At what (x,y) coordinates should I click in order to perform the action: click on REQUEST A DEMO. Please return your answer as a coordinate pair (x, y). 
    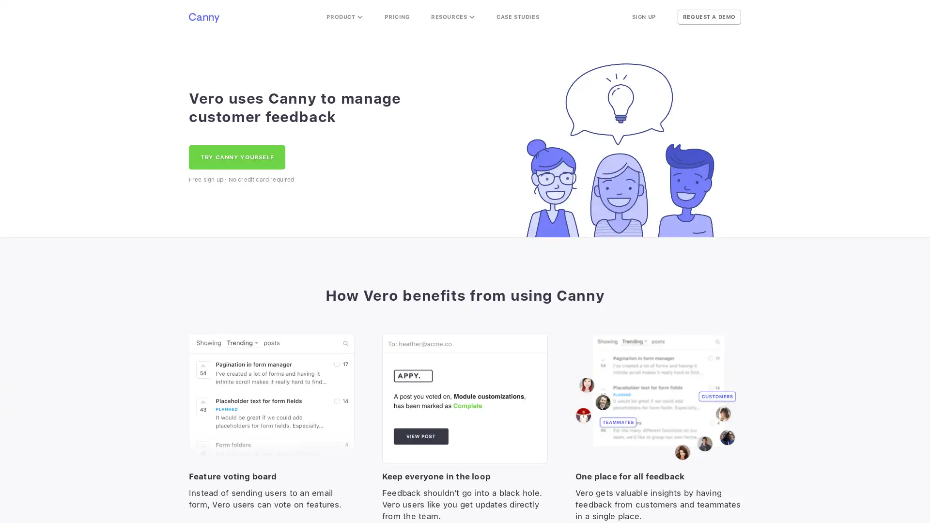
    Looking at the image, I should click on (709, 16).